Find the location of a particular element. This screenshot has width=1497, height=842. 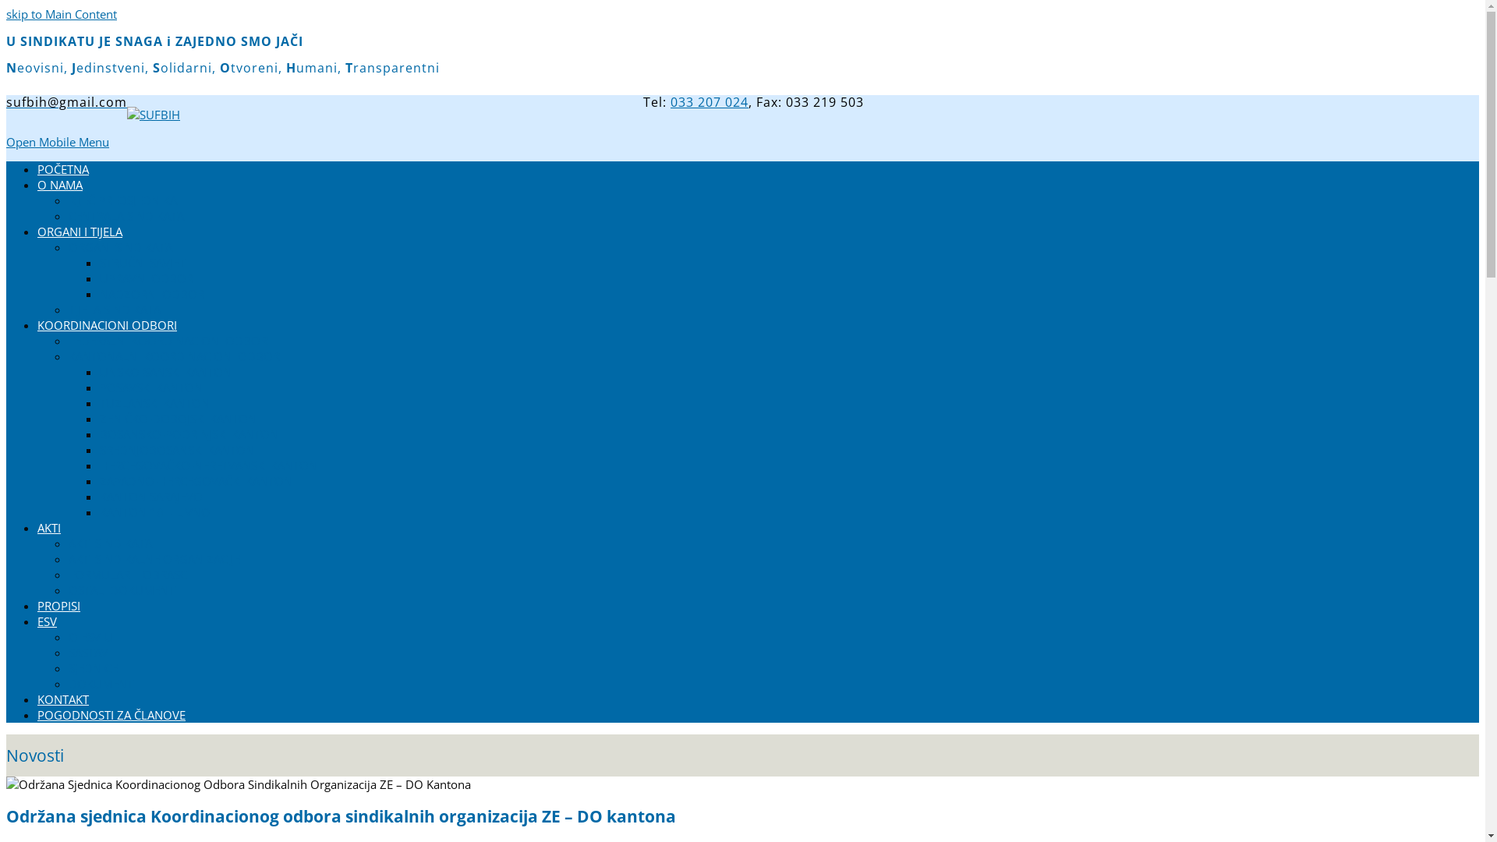

'KOORDINACIONI ODBORI' is located at coordinates (106, 324).